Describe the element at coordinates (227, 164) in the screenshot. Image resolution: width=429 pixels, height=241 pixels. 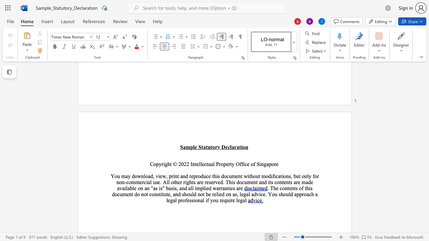
I see `the 3th character "e" in the text` at that location.